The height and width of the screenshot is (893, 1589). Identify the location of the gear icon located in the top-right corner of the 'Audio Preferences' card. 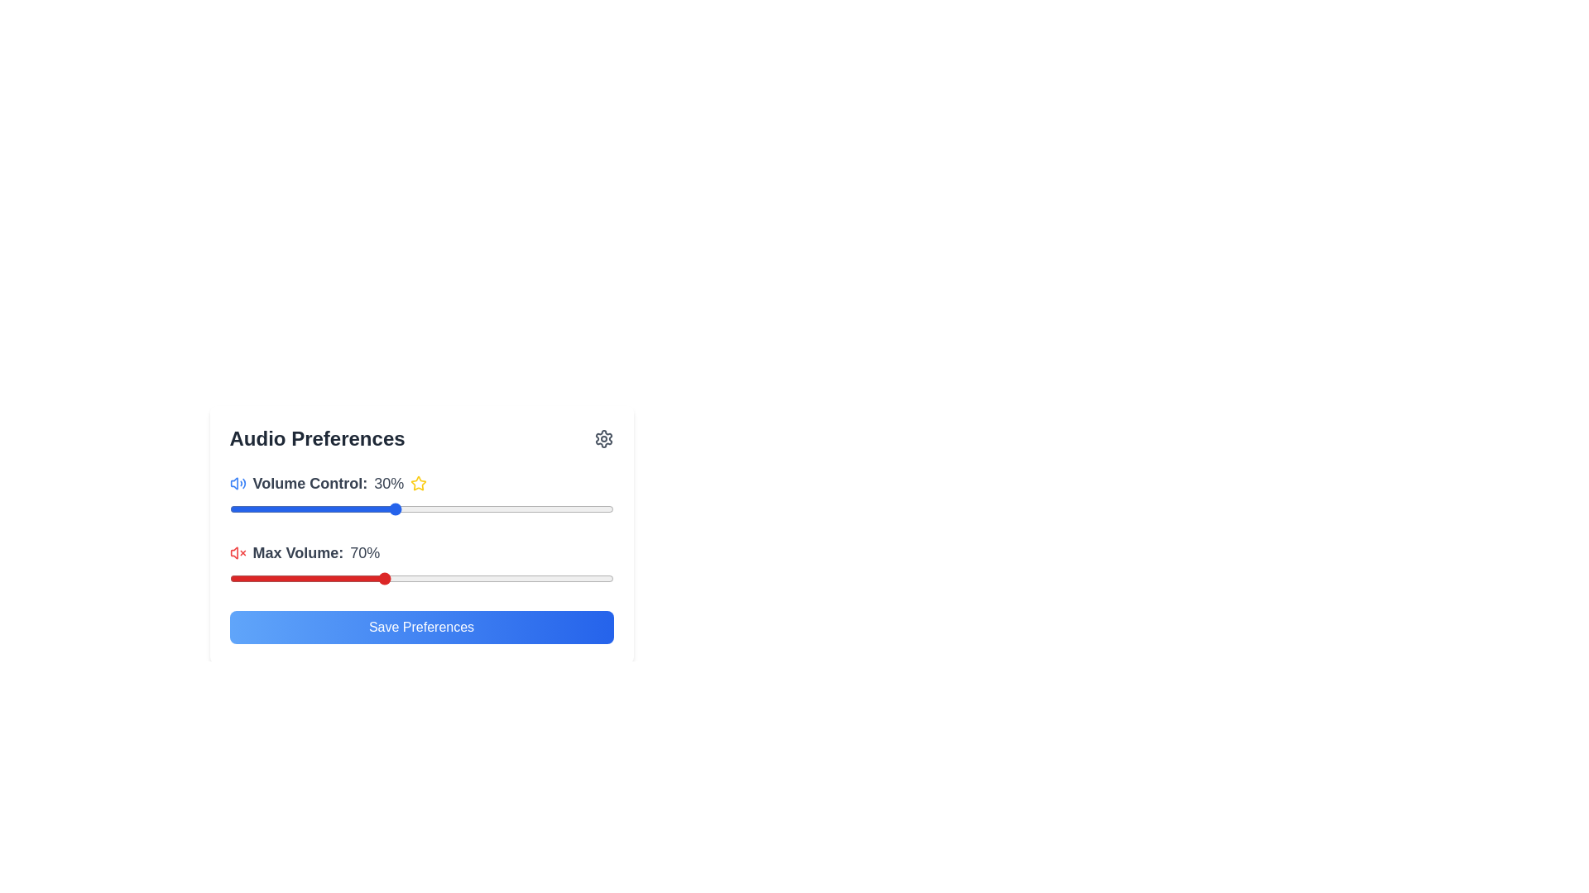
(602, 438).